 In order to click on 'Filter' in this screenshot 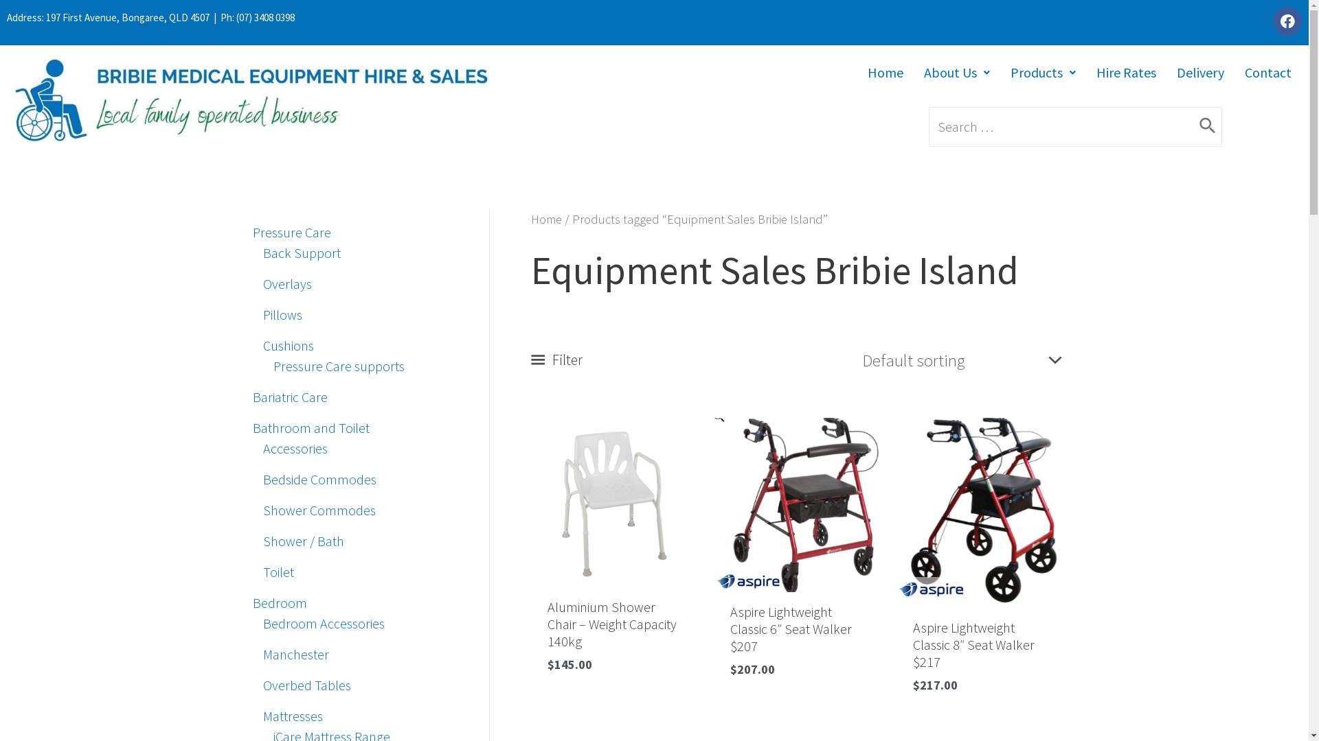, I will do `click(556, 359)`.